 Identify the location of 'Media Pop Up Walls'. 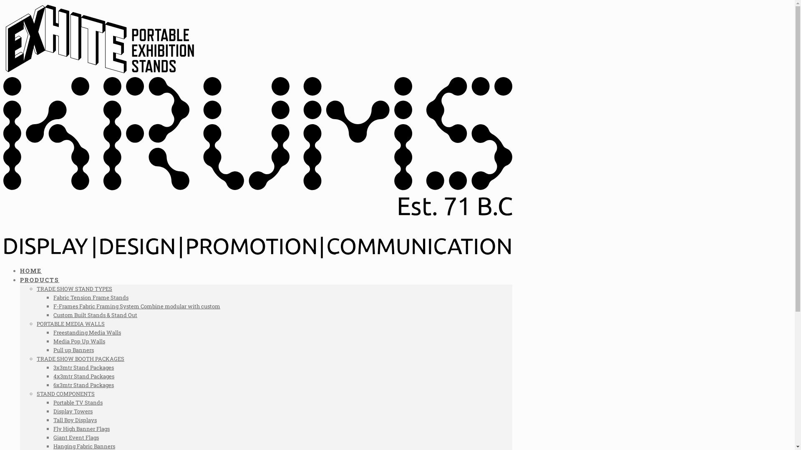
(53, 341).